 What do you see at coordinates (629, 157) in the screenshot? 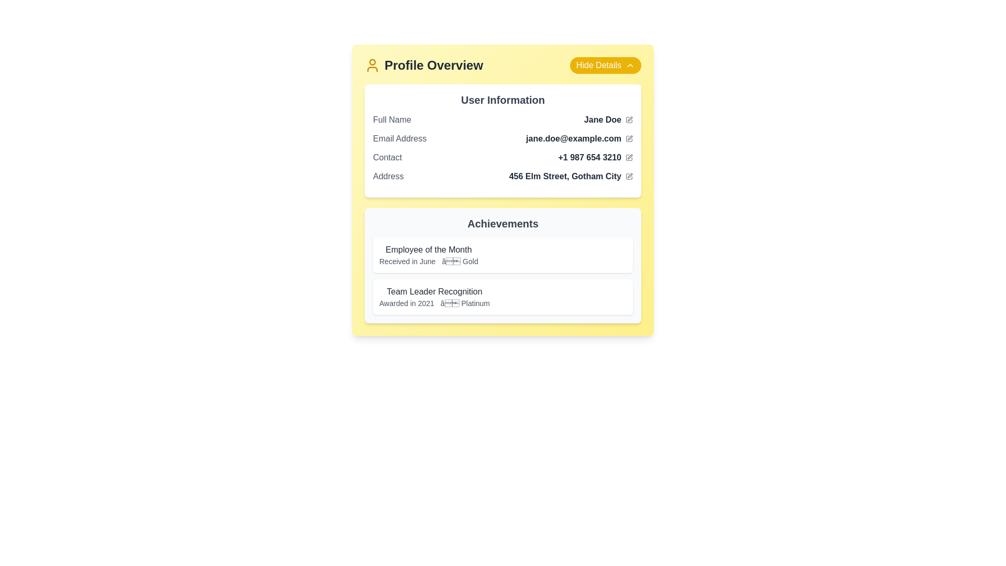
I see `the Edit Icon Button, which is a pen icon within a square outline located next to the phone number '+1 987 654 3210' in the 'Contact' field of the 'User Information' section` at bounding box center [629, 157].